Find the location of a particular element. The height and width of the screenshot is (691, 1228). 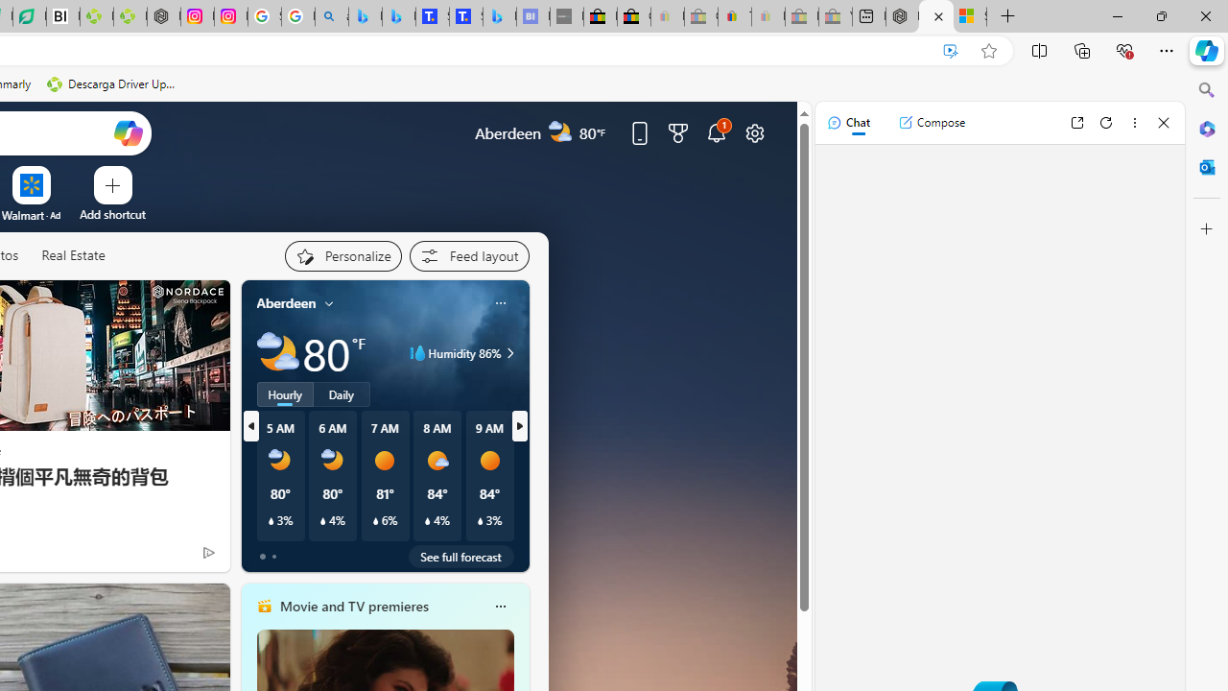

'Class: weather-arrow-glyph' is located at coordinates (509, 352).